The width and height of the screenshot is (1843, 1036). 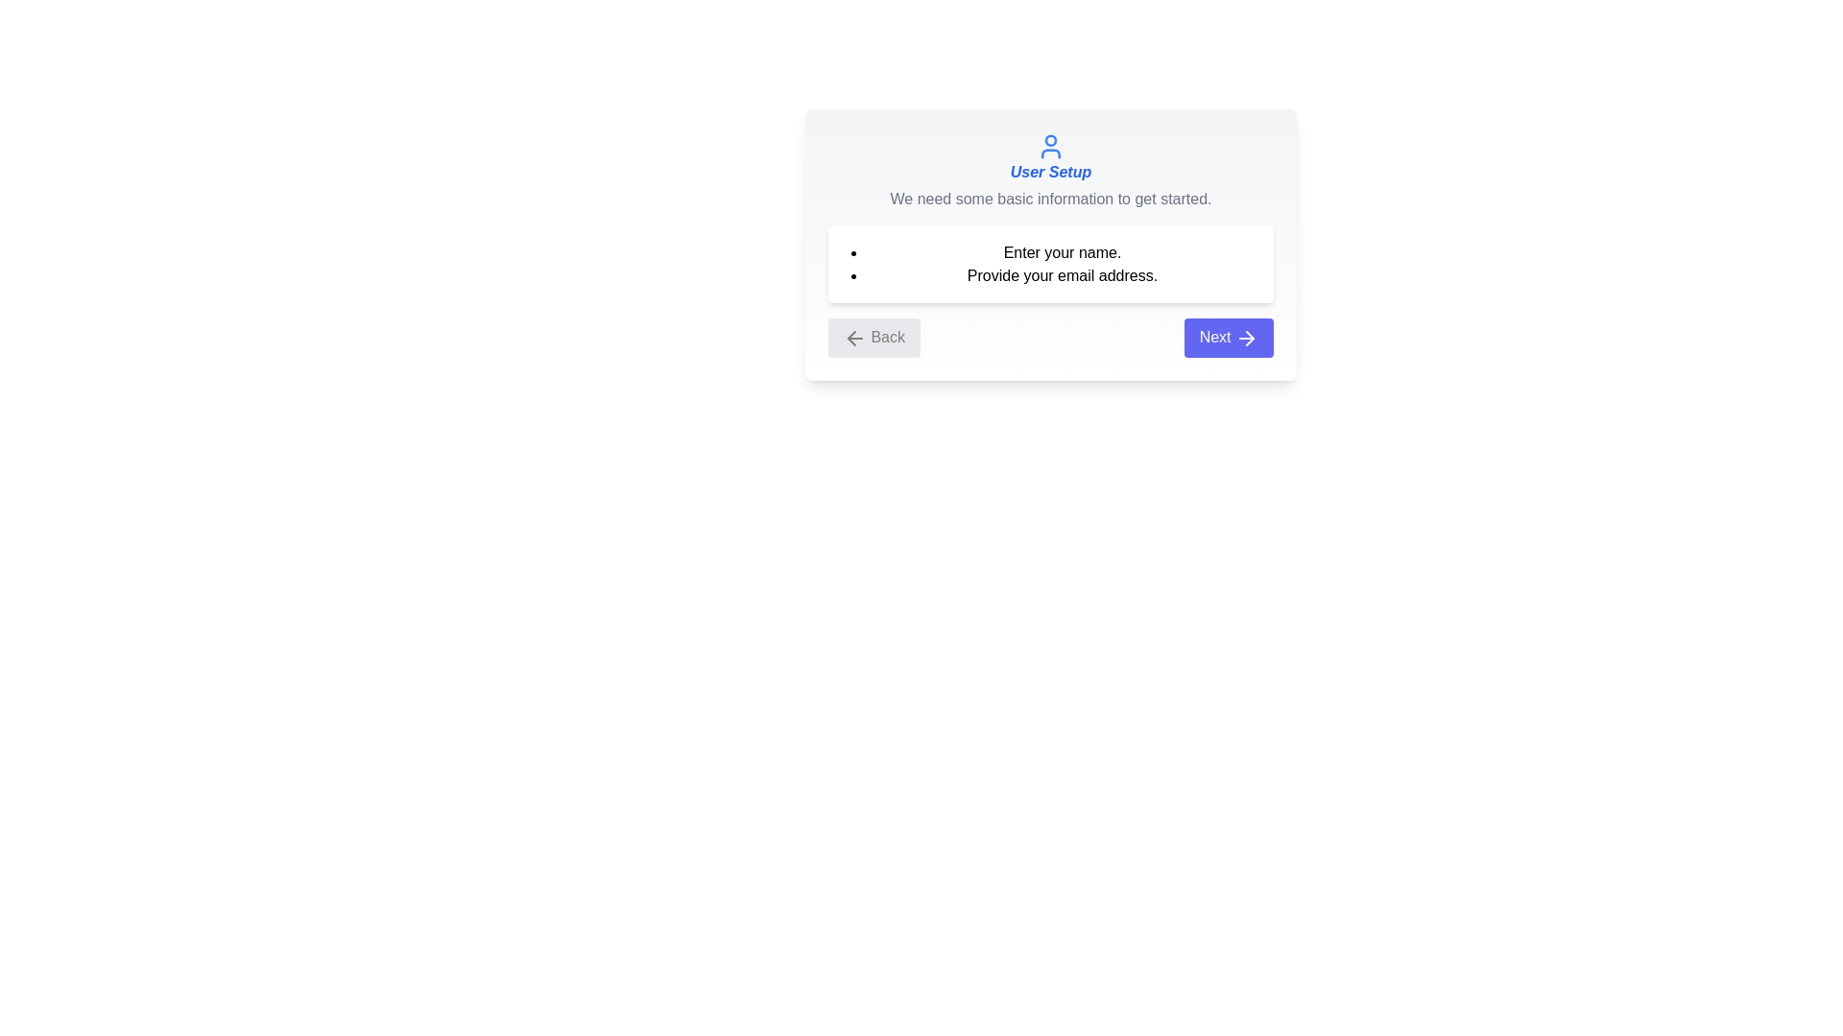 I want to click on the 'Next' button to proceed to the next step, so click(x=1229, y=336).